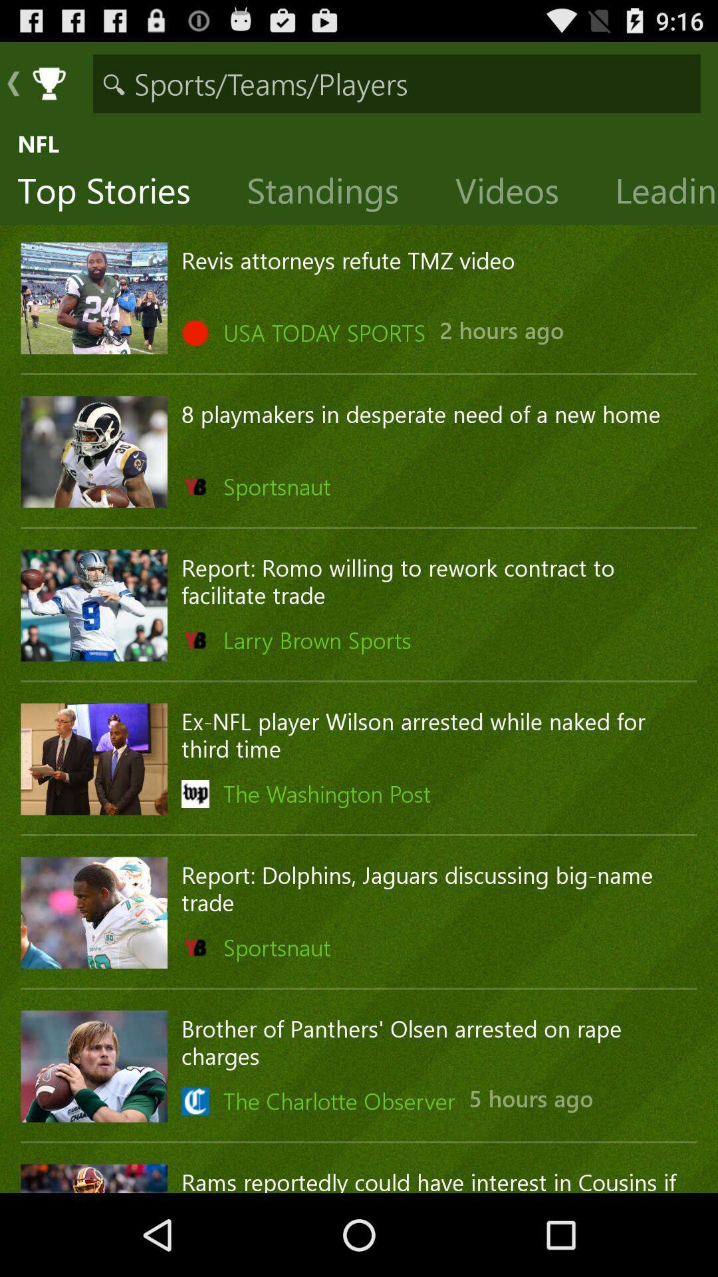 This screenshot has width=718, height=1277. I want to click on the icon to the left of the standings, so click(114, 193).